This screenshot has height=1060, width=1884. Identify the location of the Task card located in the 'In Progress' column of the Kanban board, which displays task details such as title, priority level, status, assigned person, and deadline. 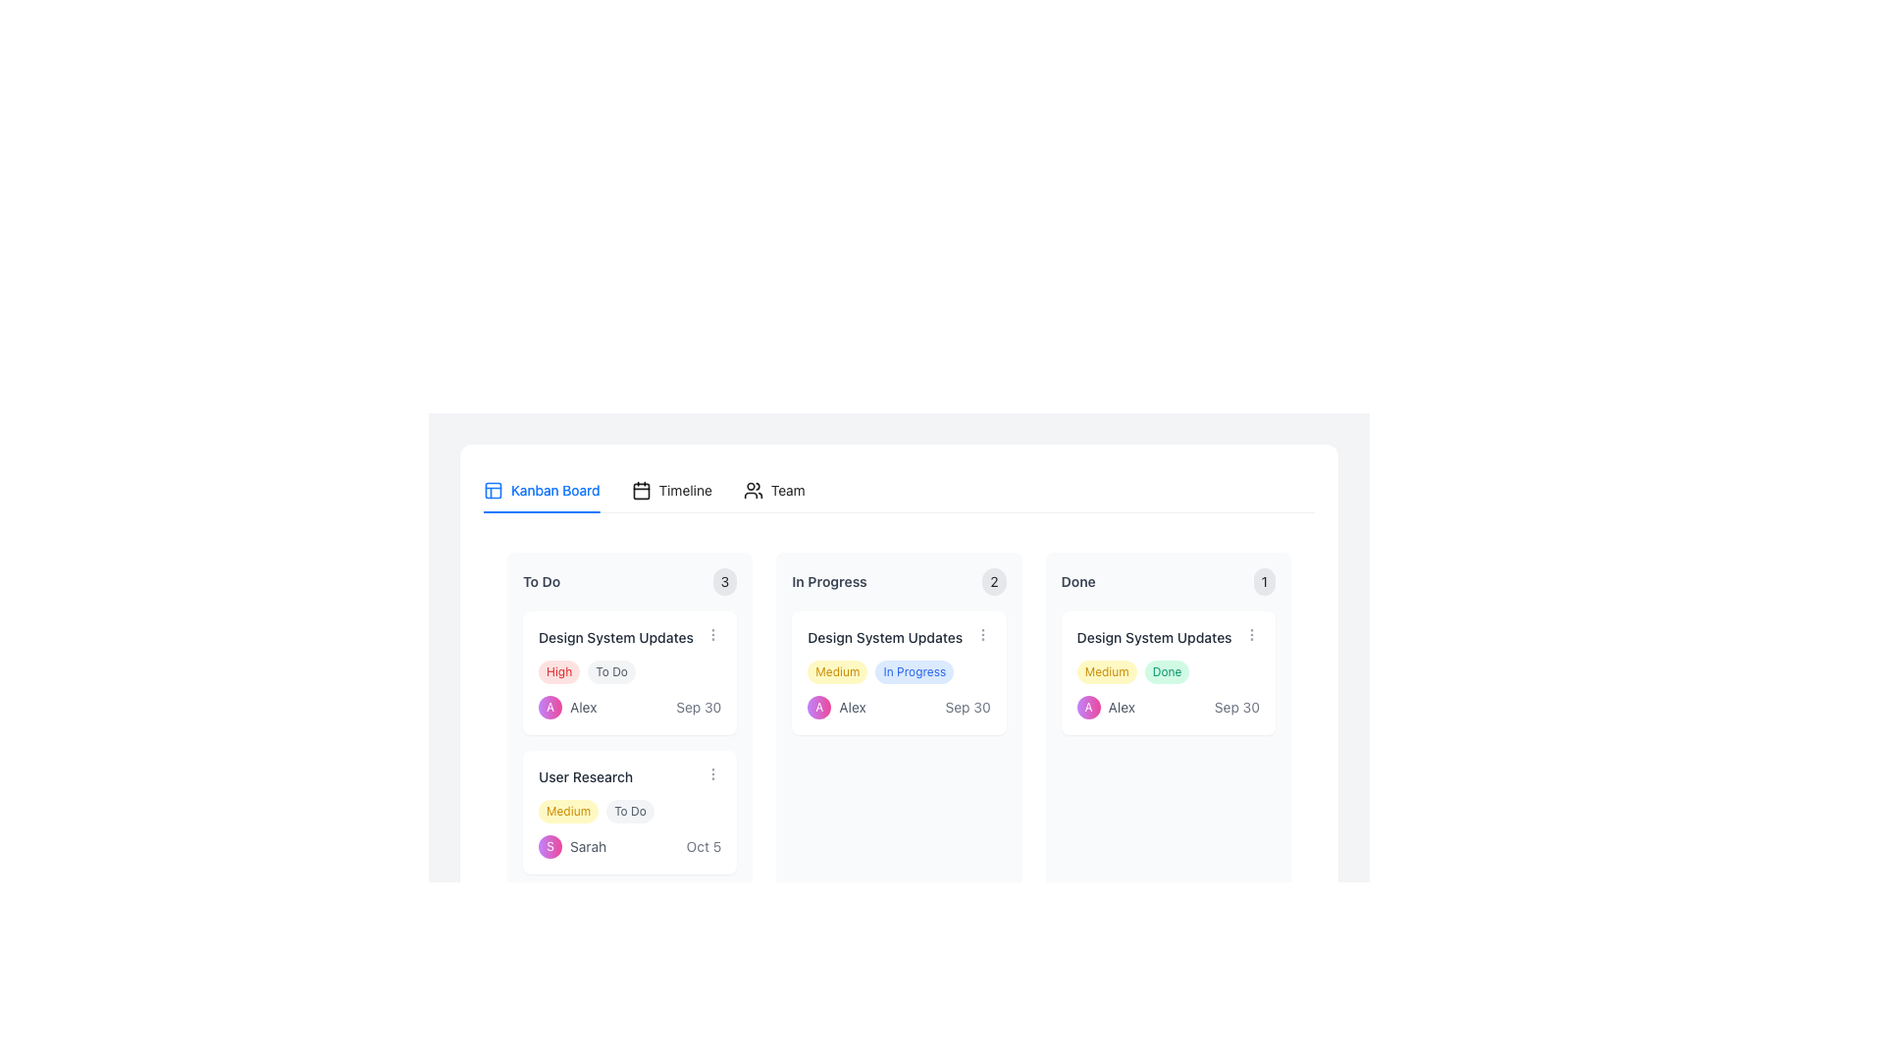
(898, 729).